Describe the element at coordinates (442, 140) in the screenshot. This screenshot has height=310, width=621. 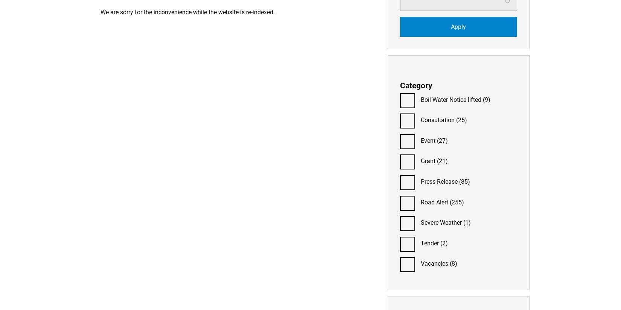
I see `'(27)'` at that location.